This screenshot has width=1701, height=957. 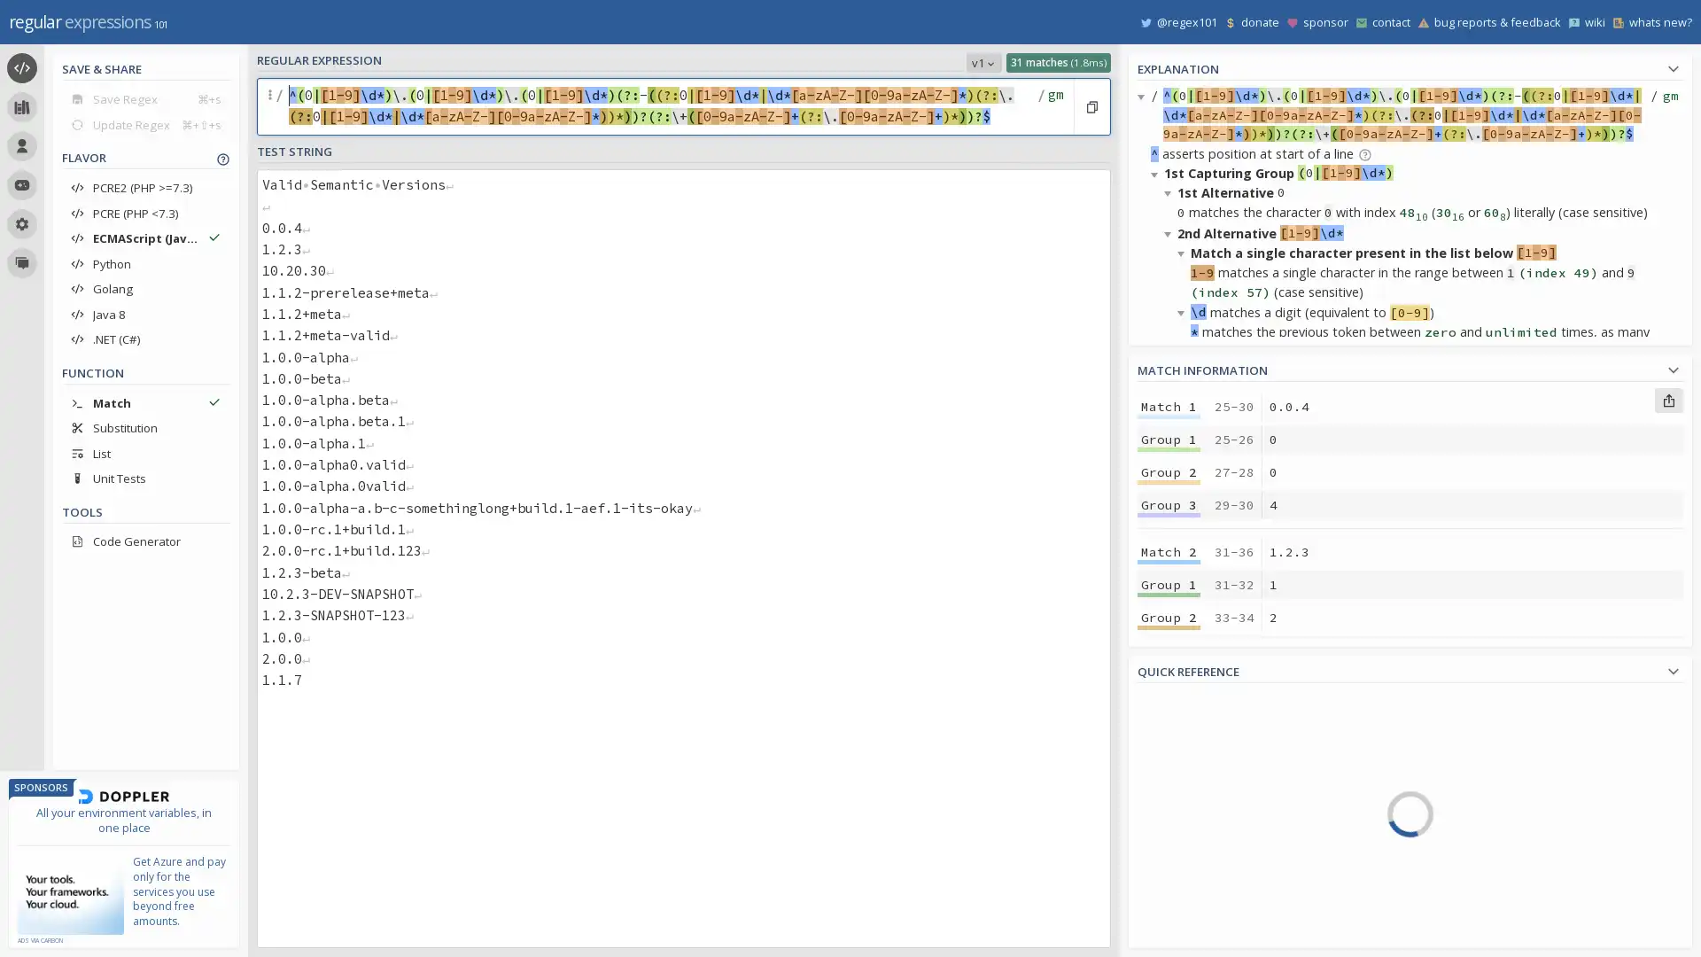 What do you see at coordinates (1170, 673) in the screenshot?
I see `Collapse Subtree` at bounding box center [1170, 673].